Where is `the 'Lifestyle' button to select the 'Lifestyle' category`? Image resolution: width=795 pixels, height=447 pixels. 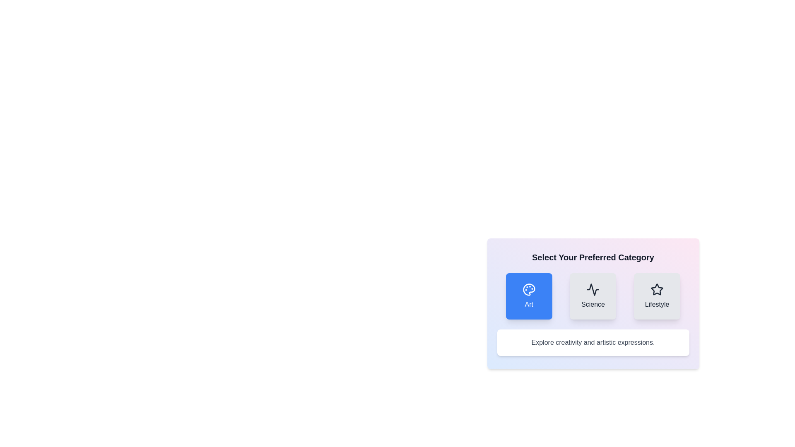
the 'Lifestyle' button to select the 'Lifestyle' category is located at coordinates (657, 296).